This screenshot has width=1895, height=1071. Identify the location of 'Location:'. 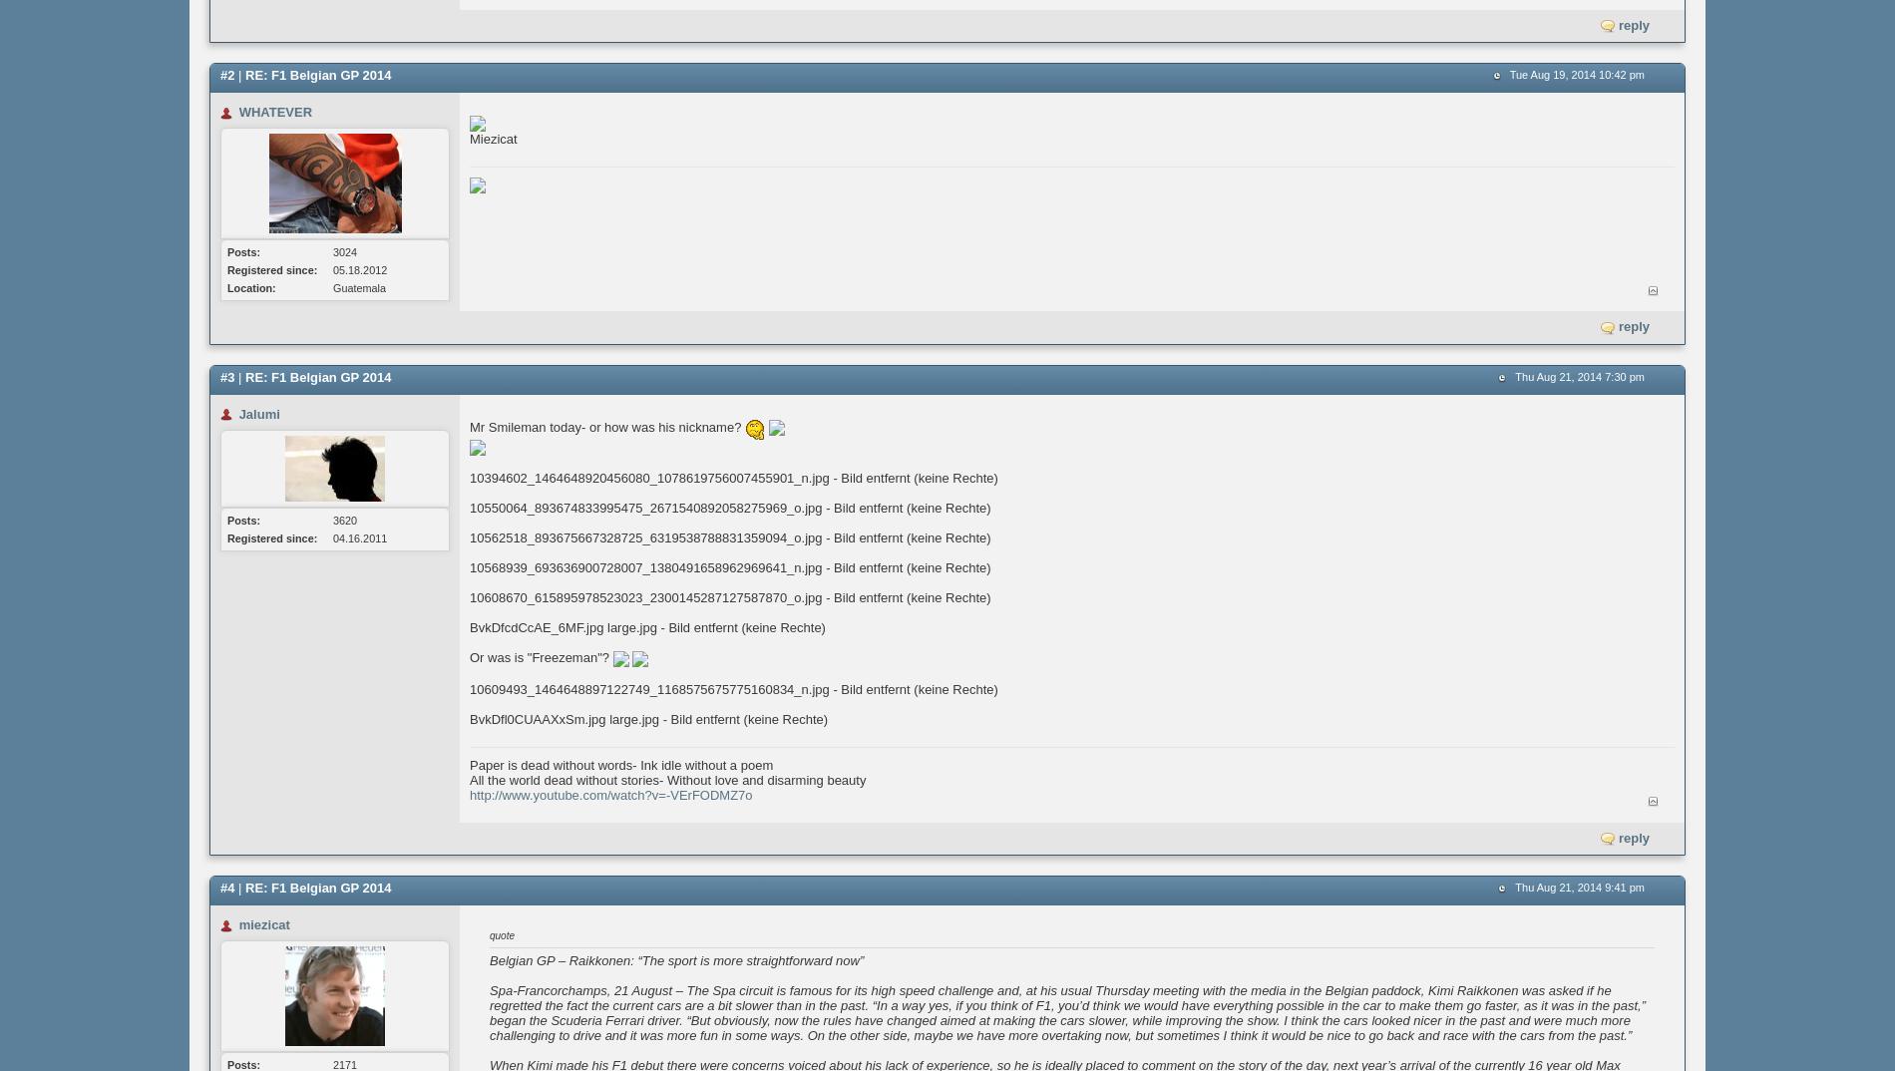
(249, 288).